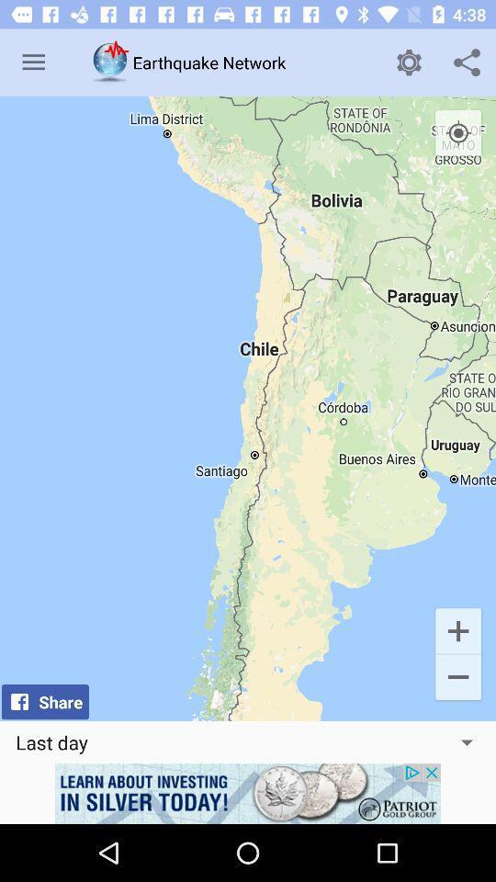 This screenshot has width=496, height=882. I want to click on the location_crosshair icon, so click(457, 132).